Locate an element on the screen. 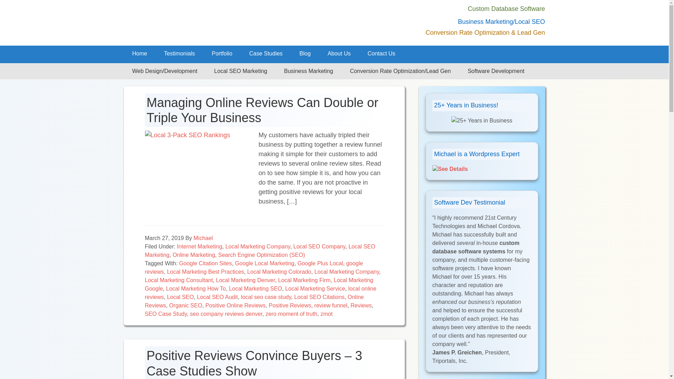 This screenshot has height=379, width=674. 'Online Marketing' is located at coordinates (194, 255).